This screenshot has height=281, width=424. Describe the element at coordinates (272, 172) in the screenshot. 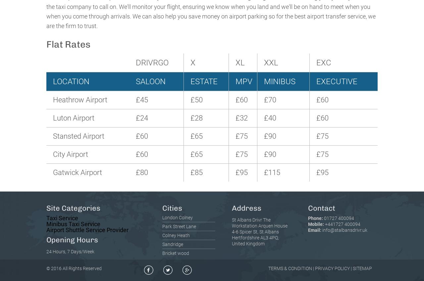

I see `'£115'` at that location.